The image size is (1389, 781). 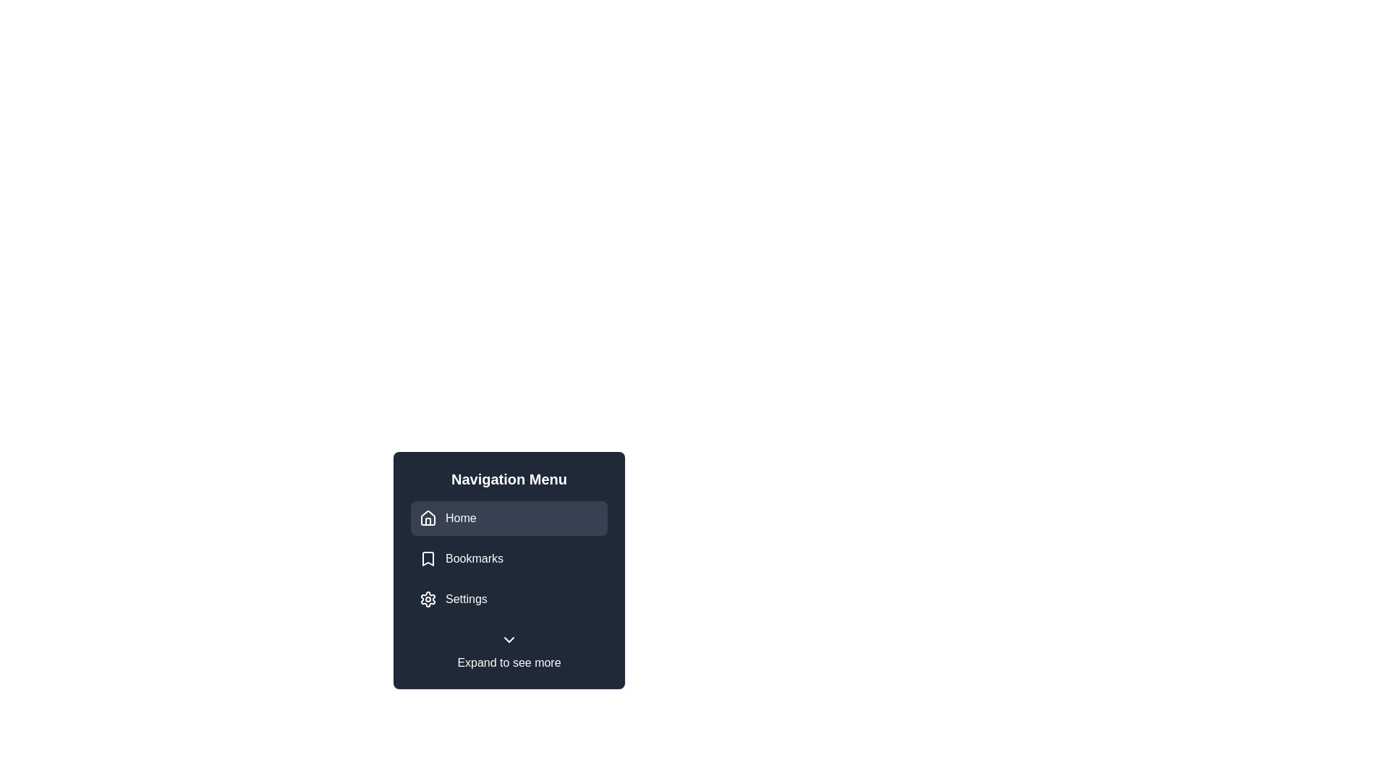 I want to click on the 'Bookmarks' navigation menu item, which is the second item in a vertical list of three items in the navigation menu, positioned between 'Home' and 'Settings', so click(x=509, y=558).